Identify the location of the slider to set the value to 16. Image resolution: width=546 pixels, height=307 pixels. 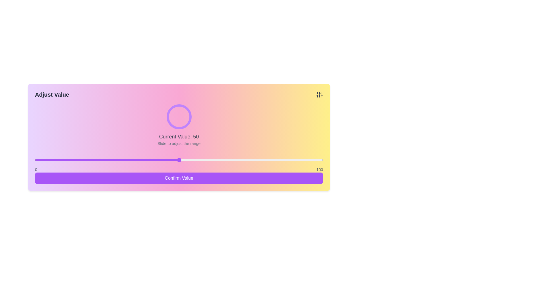
(81, 160).